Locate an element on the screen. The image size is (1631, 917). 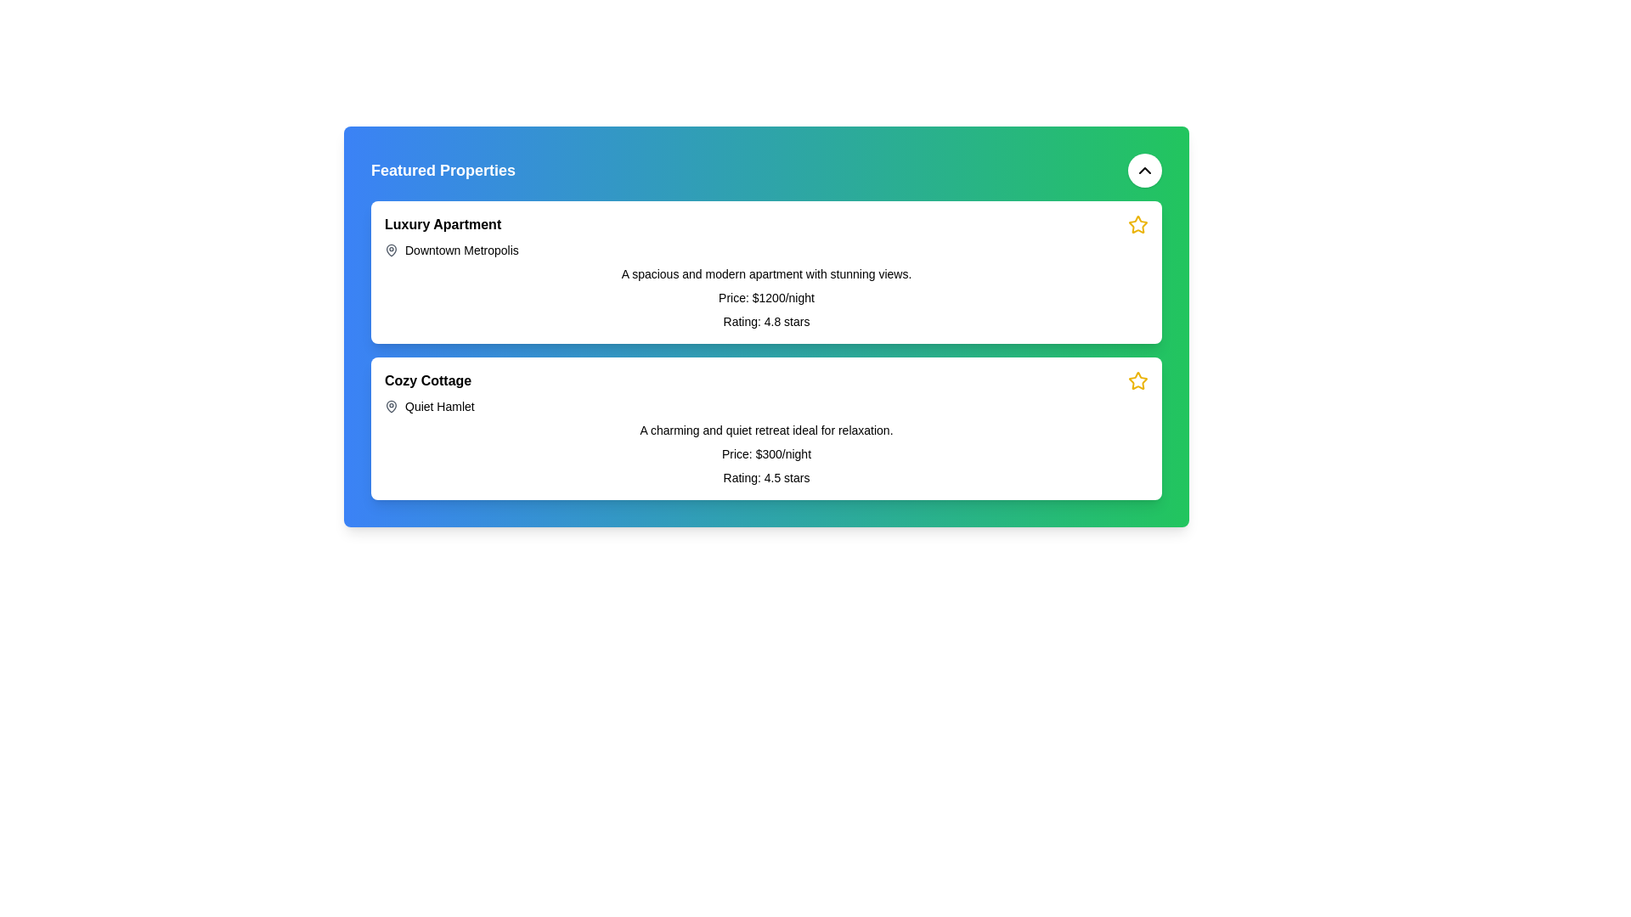
the star icon located at the top-right corner inside the first card, next to the text 'Luxury Apartment' to mark it as a favorite is located at coordinates (1137, 223).